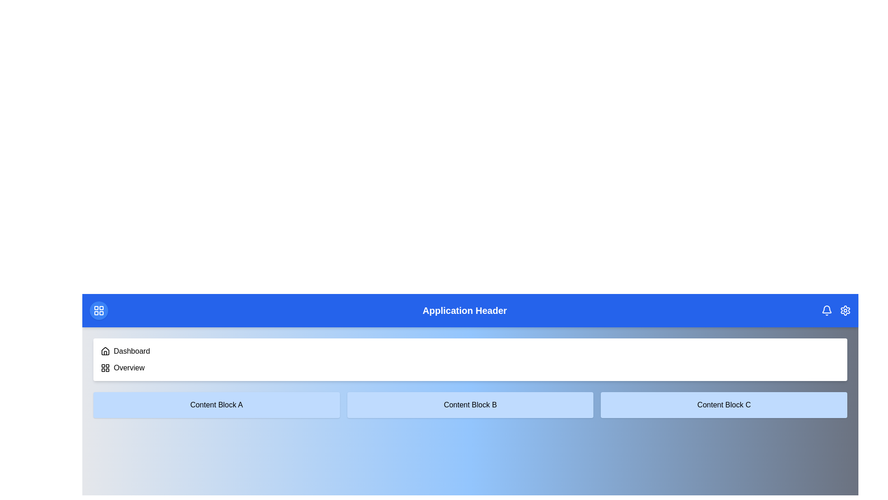 This screenshot has width=888, height=500. Describe the element at coordinates (845, 311) in the screenshot. I see `the settings icon located at the top-right corner of the header` at that location.